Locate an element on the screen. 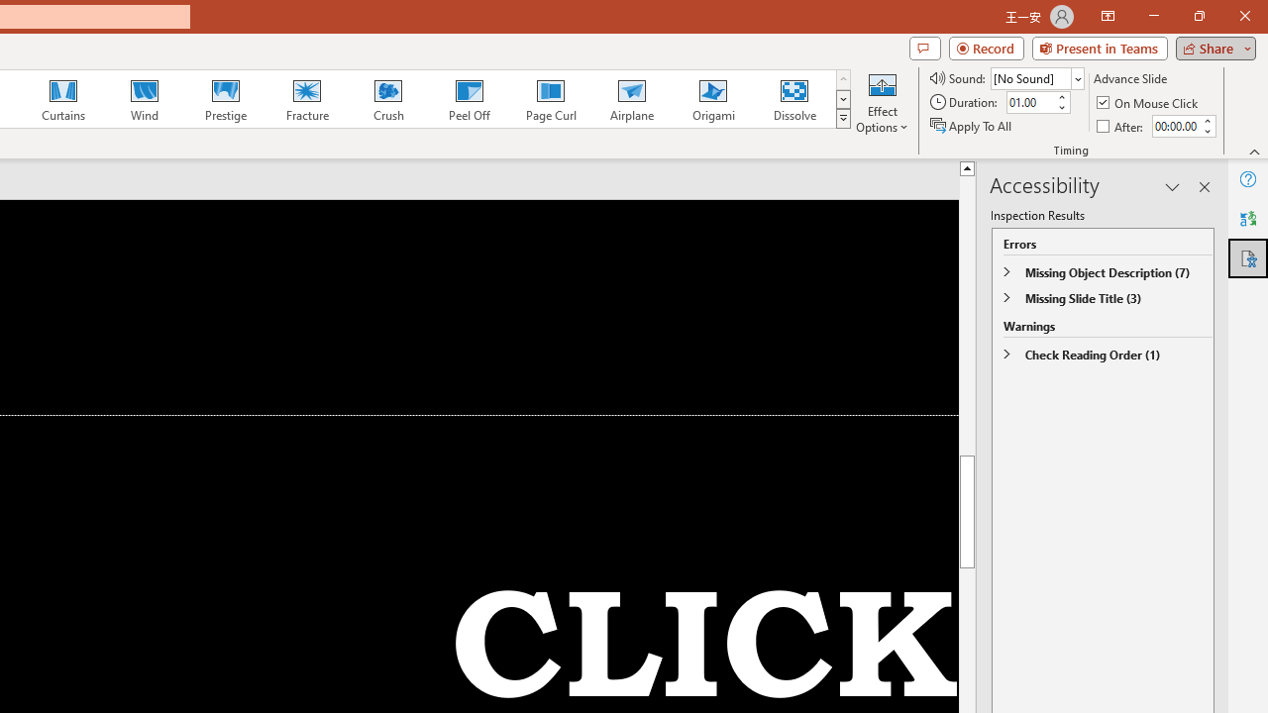  'Duration' is located at coordinates (1030, 102).